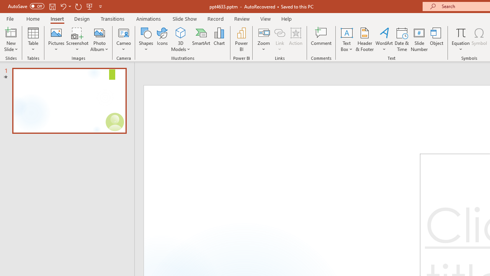 The width and height of the screenshot is (490, 276). I want to click on 'Link', so click(279, 32).